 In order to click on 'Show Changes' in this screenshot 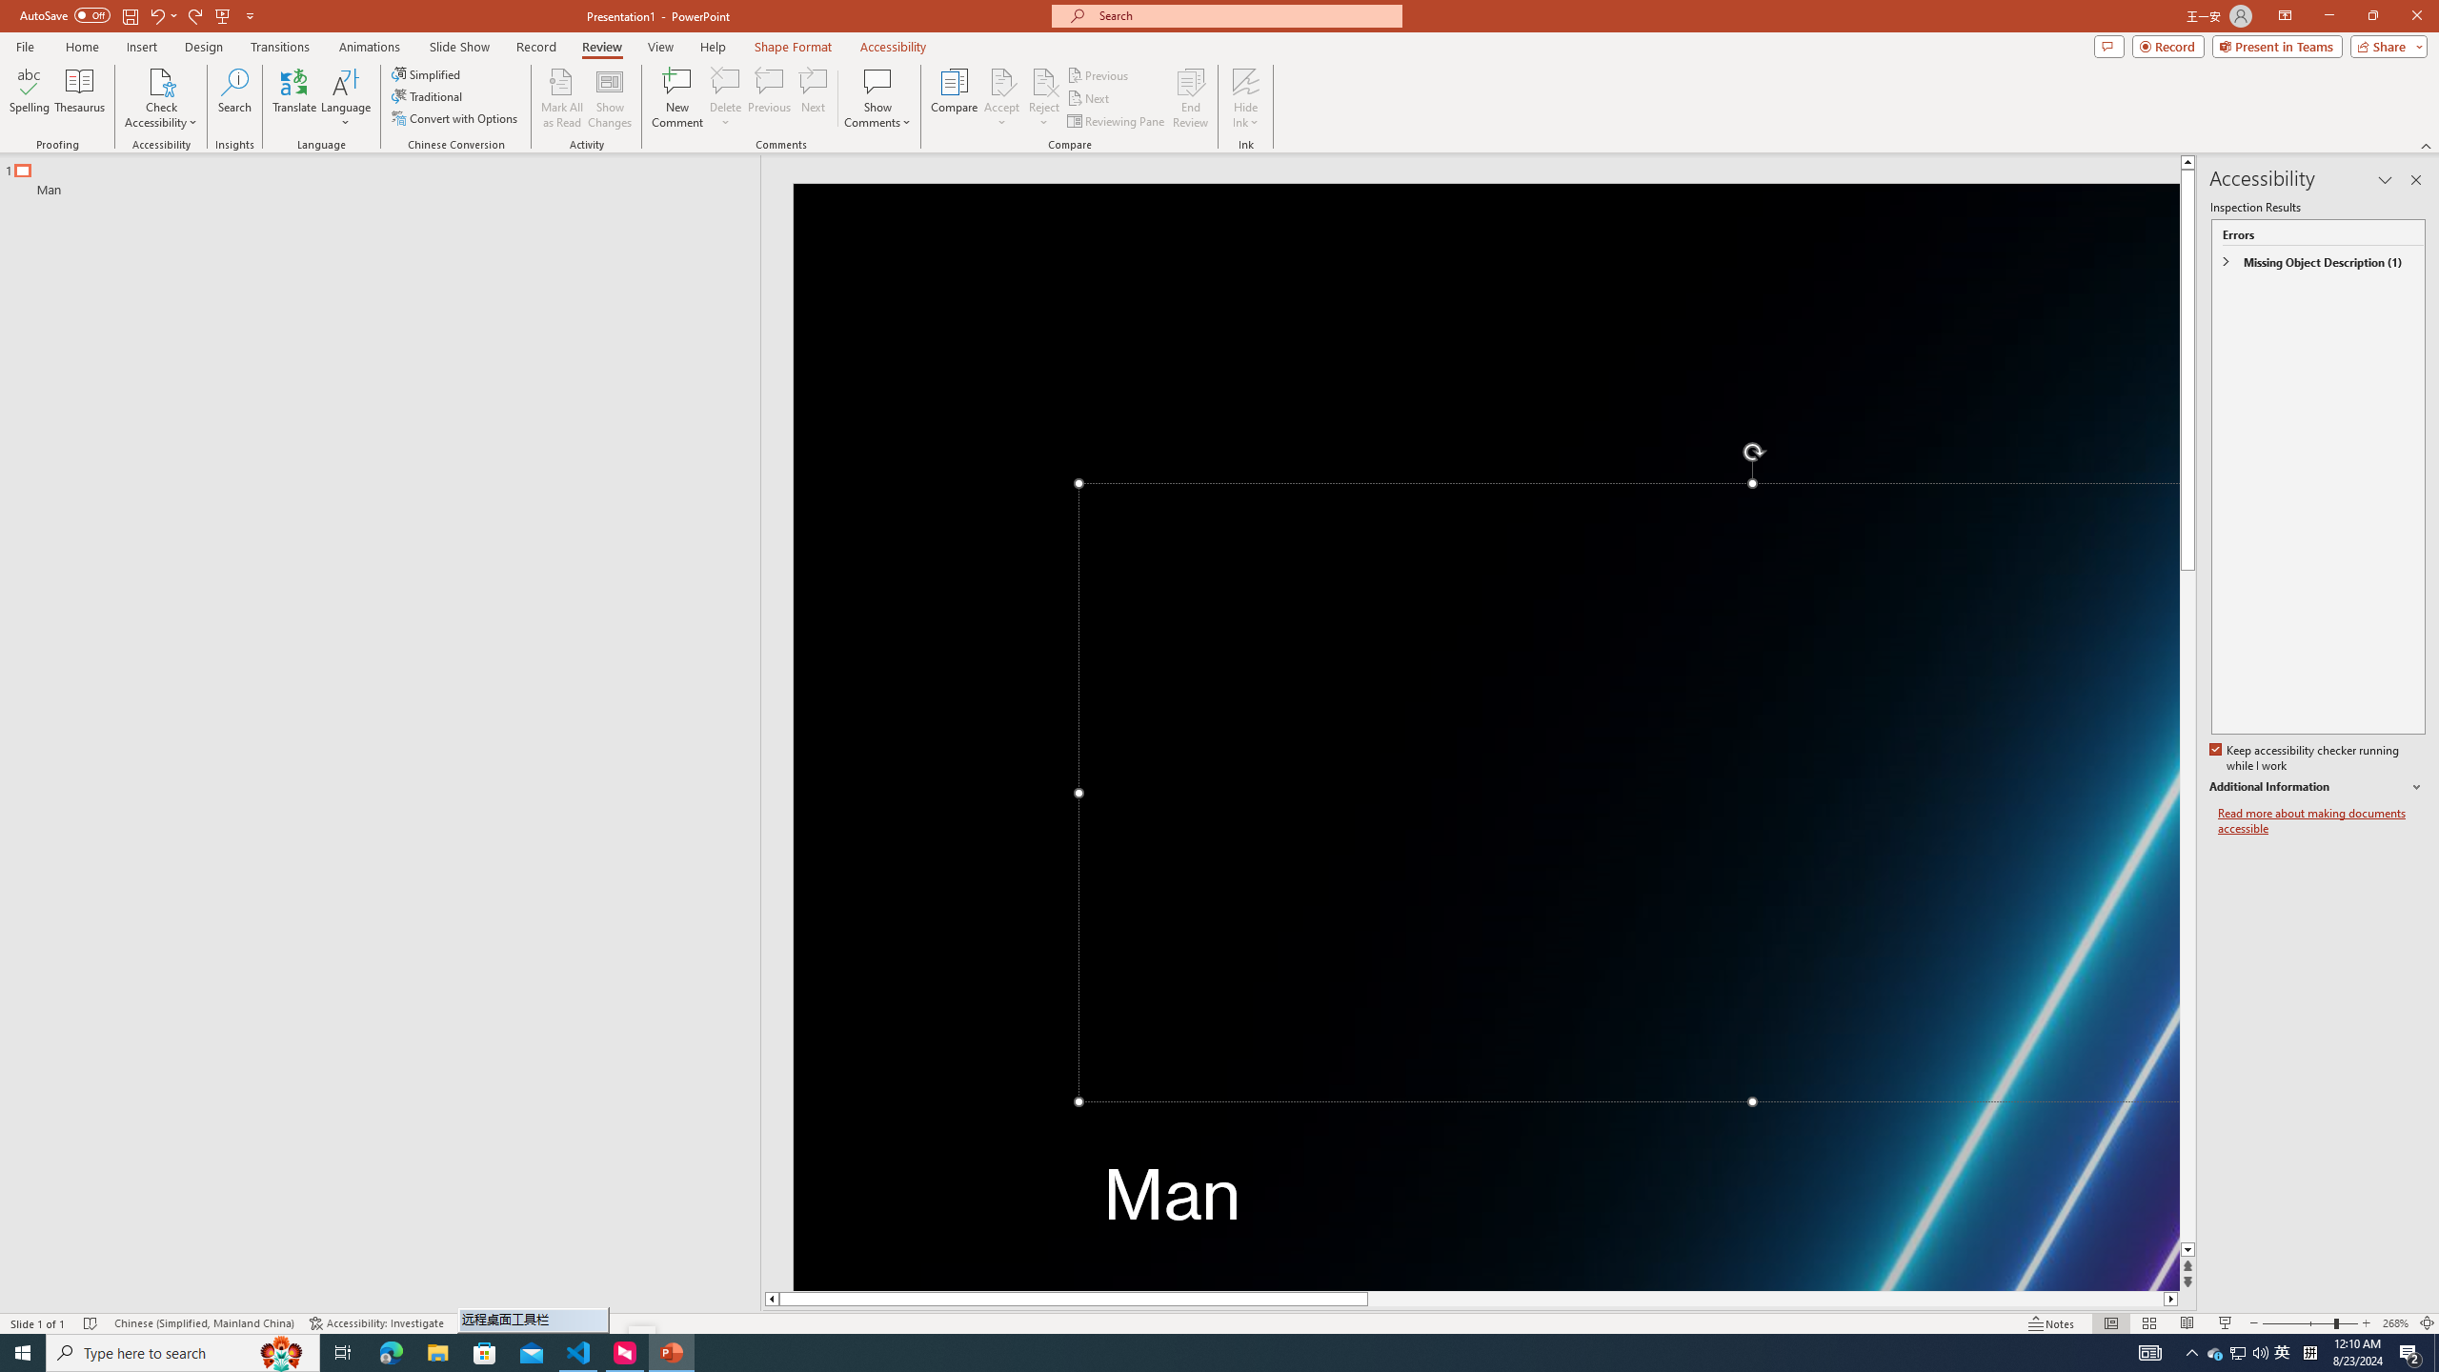, I will do `click(610, 98)`.